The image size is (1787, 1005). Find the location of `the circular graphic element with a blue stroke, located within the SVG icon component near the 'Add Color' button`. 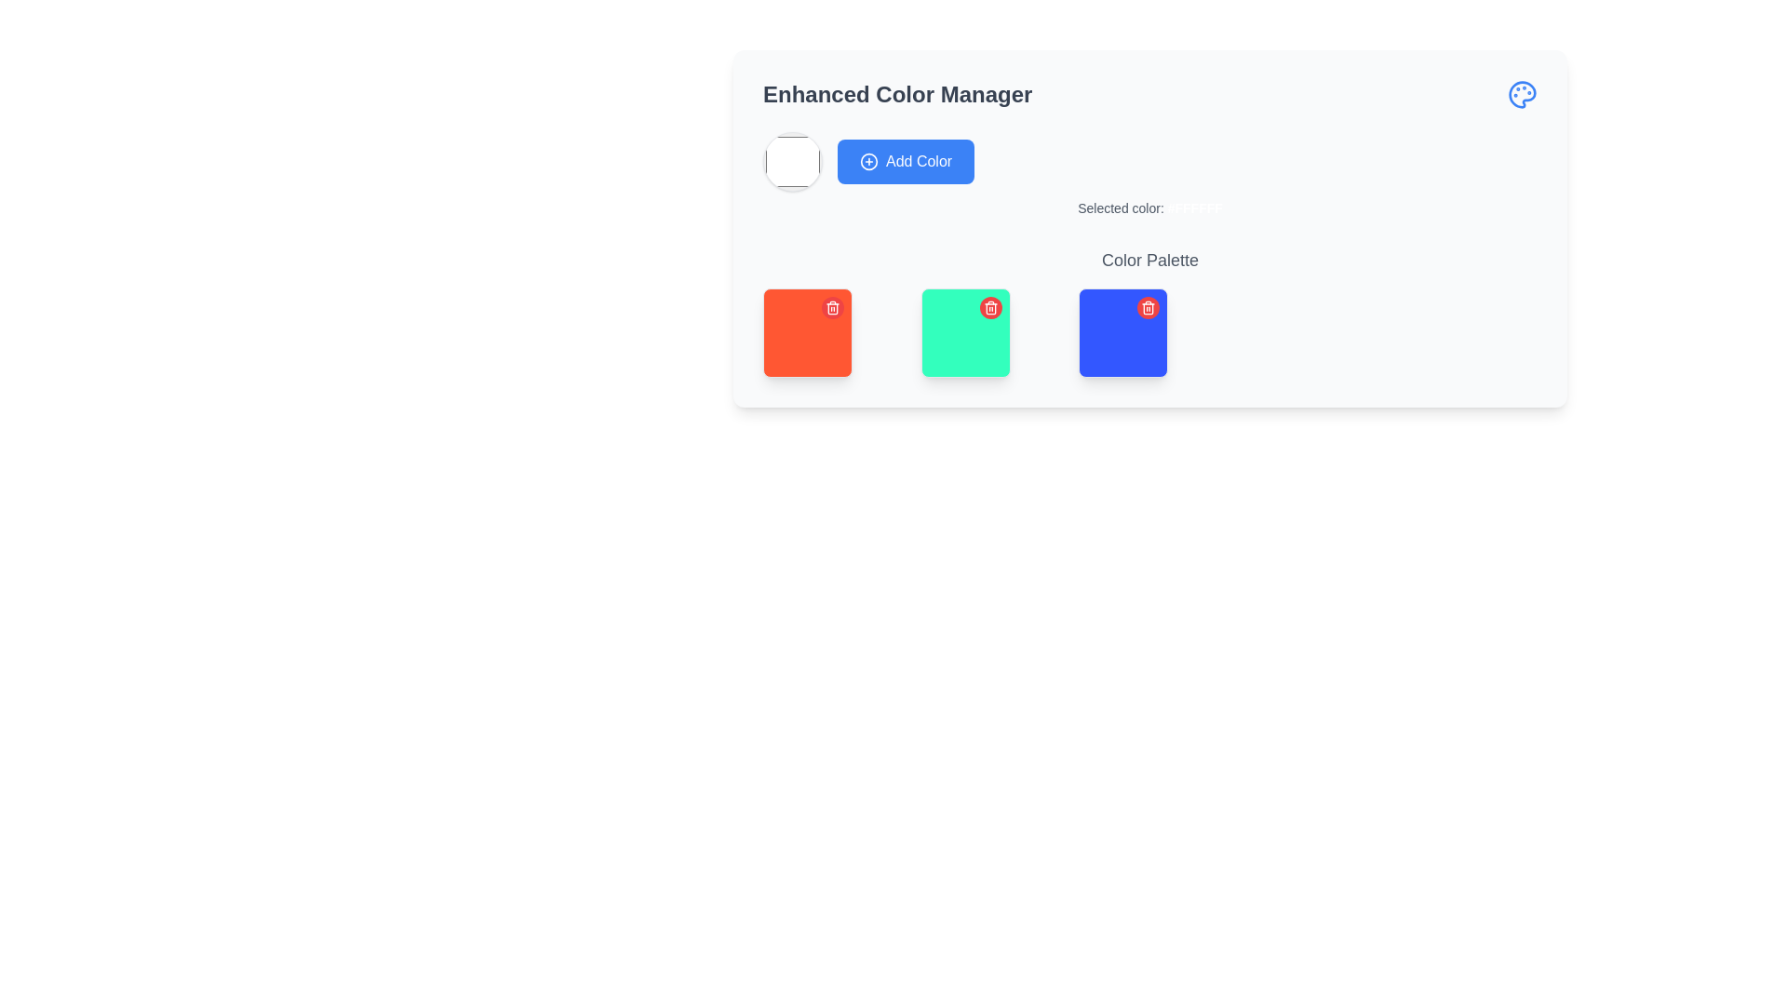

the circular graphic element with a blue stroke, located within the SVG icon component near the 'Add Color' button is located at coordinates (868, 160).